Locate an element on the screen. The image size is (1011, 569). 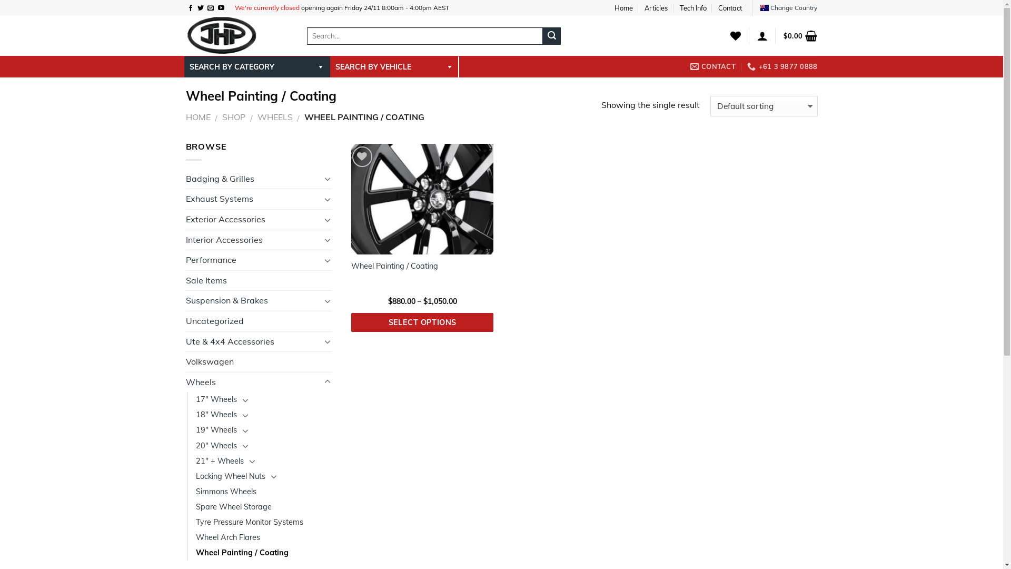
'18" Wheels' is located at coordinates (196, 414).